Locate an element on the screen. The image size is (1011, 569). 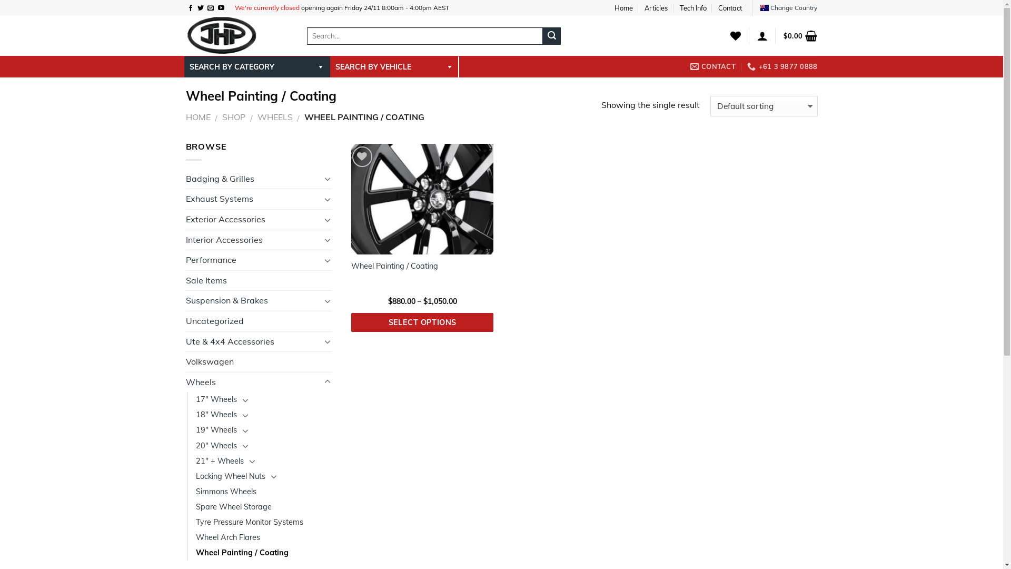
'18" Wheels' is located at coordinates (196, 414).